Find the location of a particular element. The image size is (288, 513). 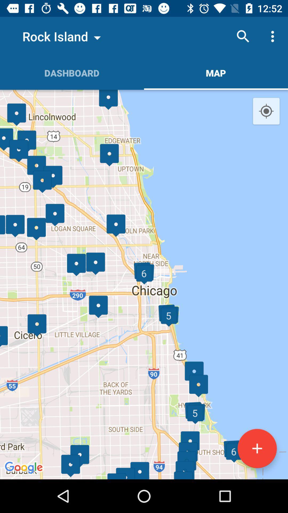

the icon next to rock island item is located at coordinates (243, 36).